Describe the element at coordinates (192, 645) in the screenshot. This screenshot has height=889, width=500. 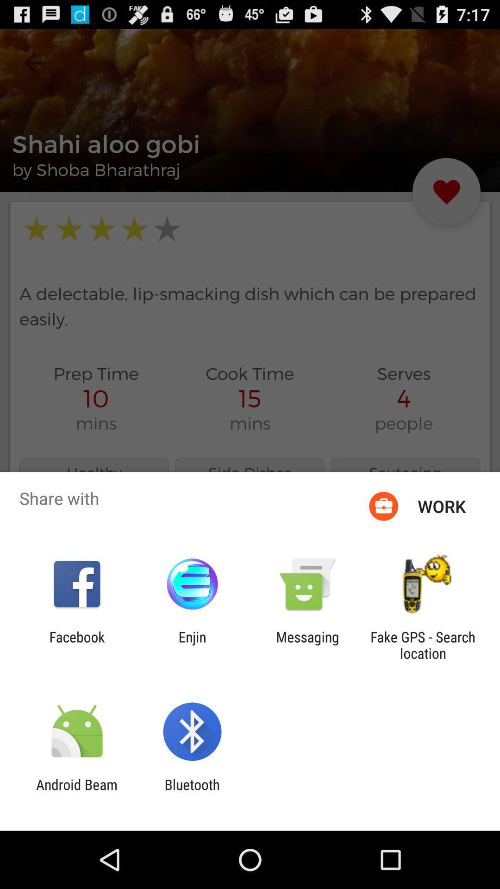
I see `the enjin icon` at that location.